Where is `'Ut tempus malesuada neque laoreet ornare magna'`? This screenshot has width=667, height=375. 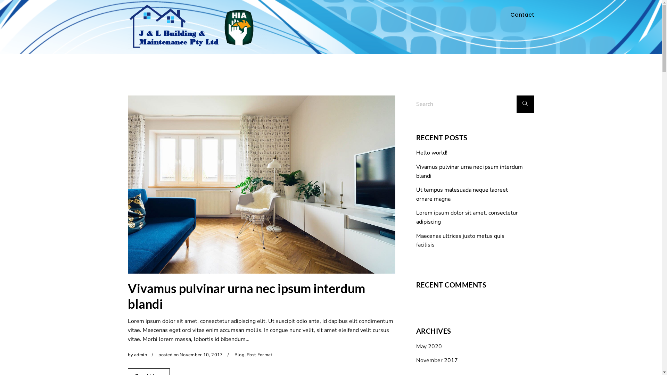
'Ut tempus malesuada neque laoreet ornare magna' is located at coordinates (470, 194).